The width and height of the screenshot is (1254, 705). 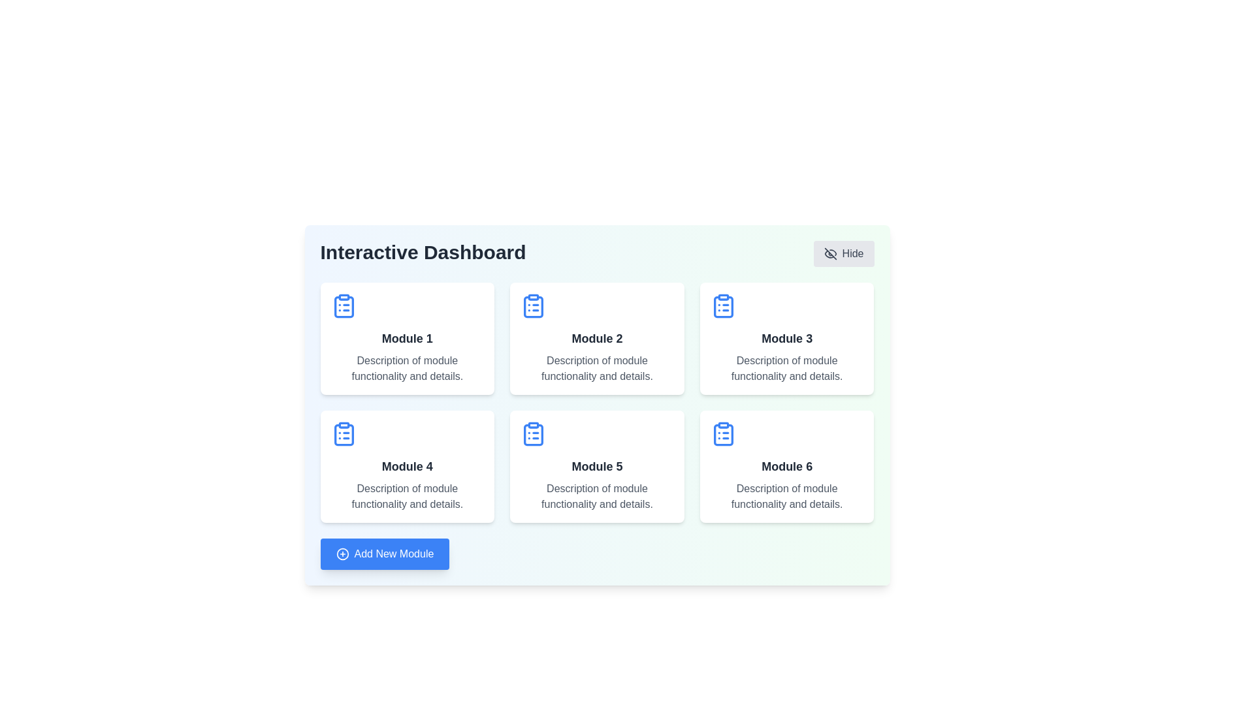 What do you see at coordinates (722, 433) in the screenshot?
I see `the blue clipboard icon with a checklist design located at the top of the 'Module 6' card, positioned to the left of the card's title` at bounding box center [722, 433].